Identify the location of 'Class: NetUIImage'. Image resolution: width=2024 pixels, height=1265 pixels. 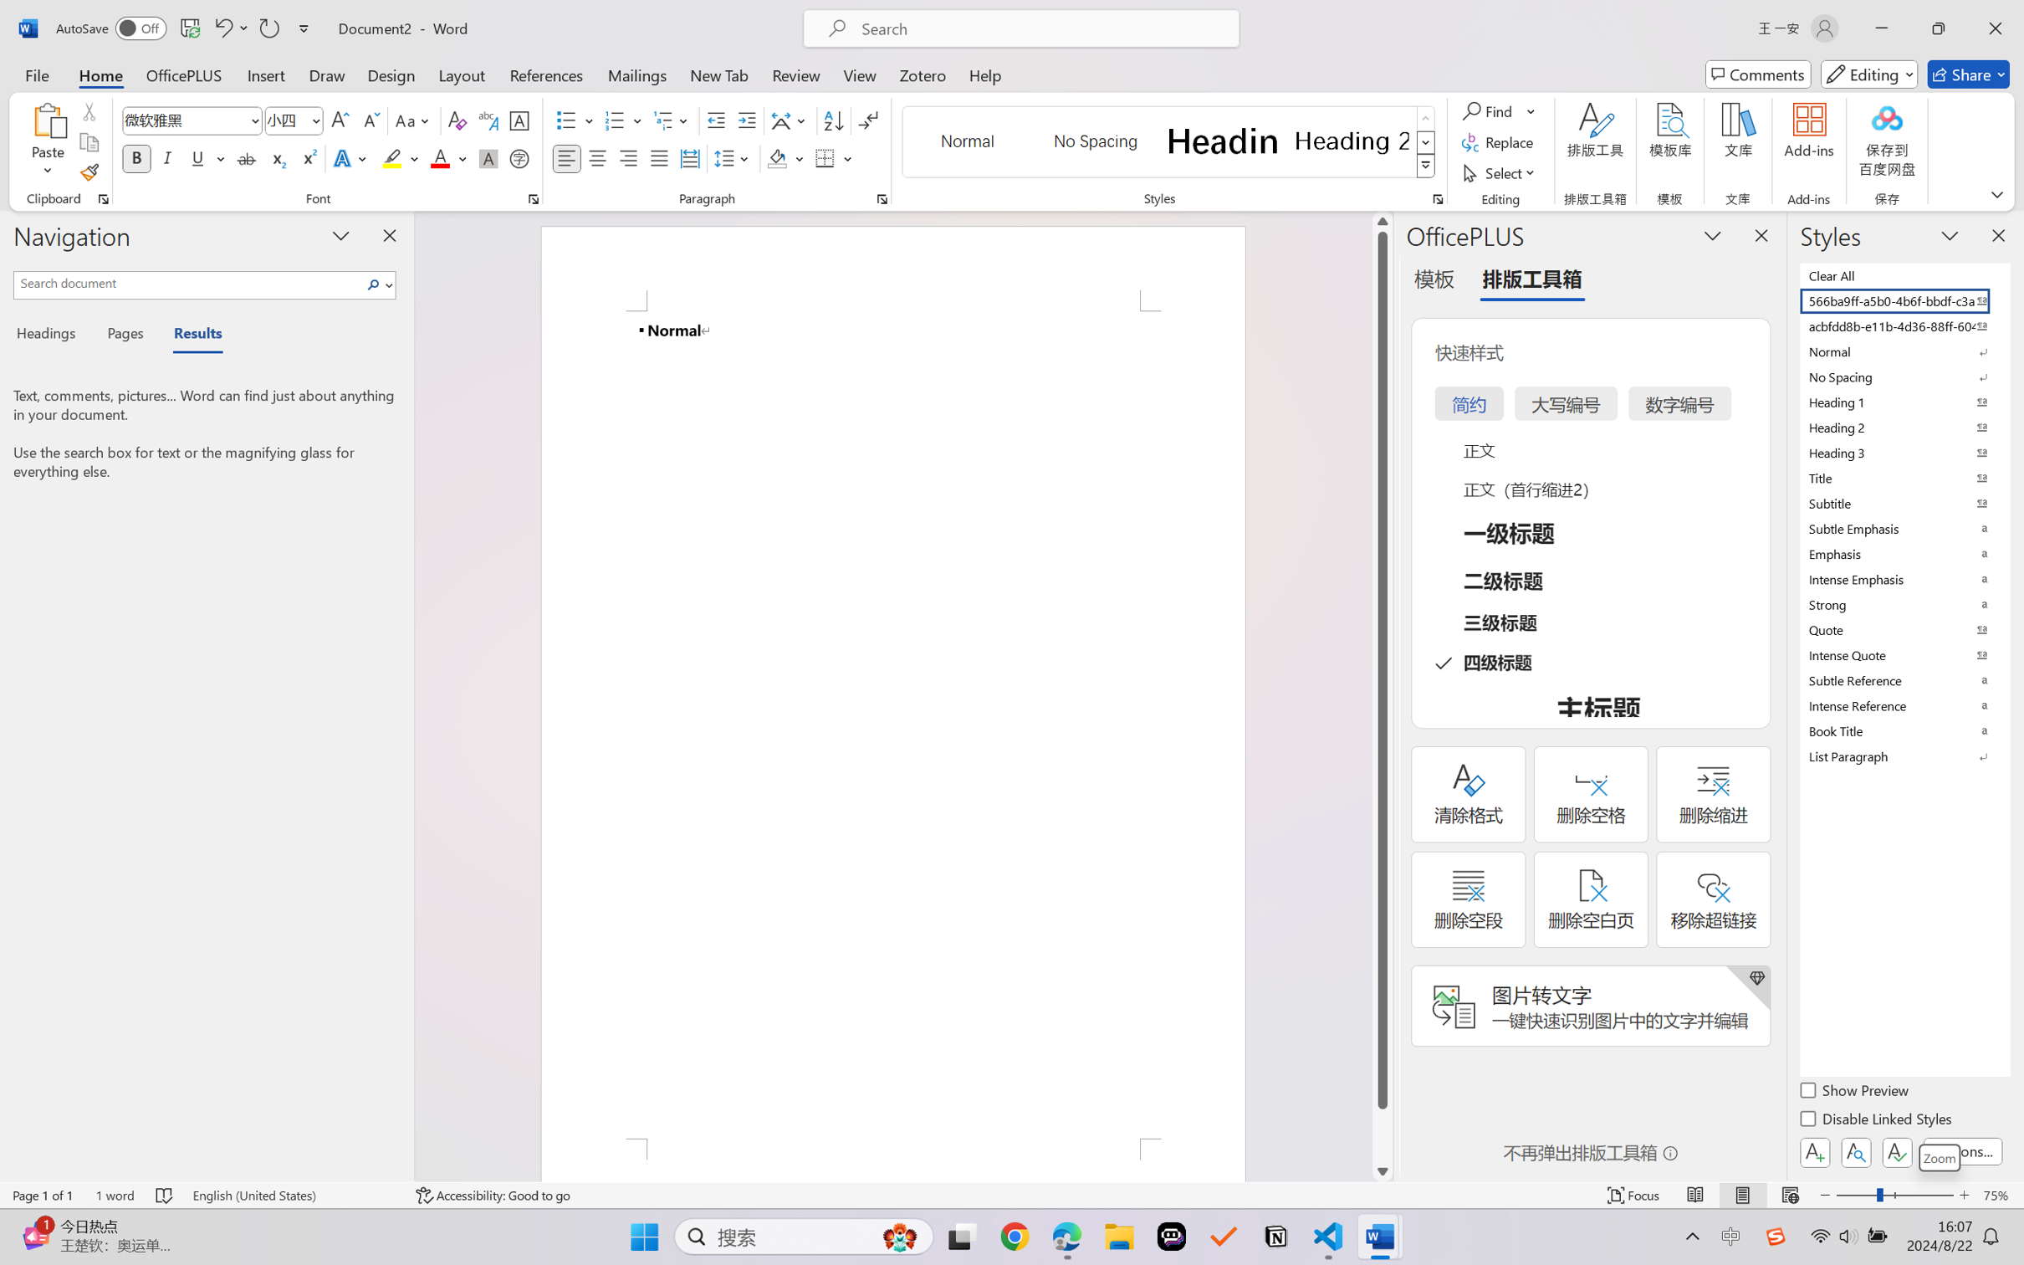
(1424, 166).